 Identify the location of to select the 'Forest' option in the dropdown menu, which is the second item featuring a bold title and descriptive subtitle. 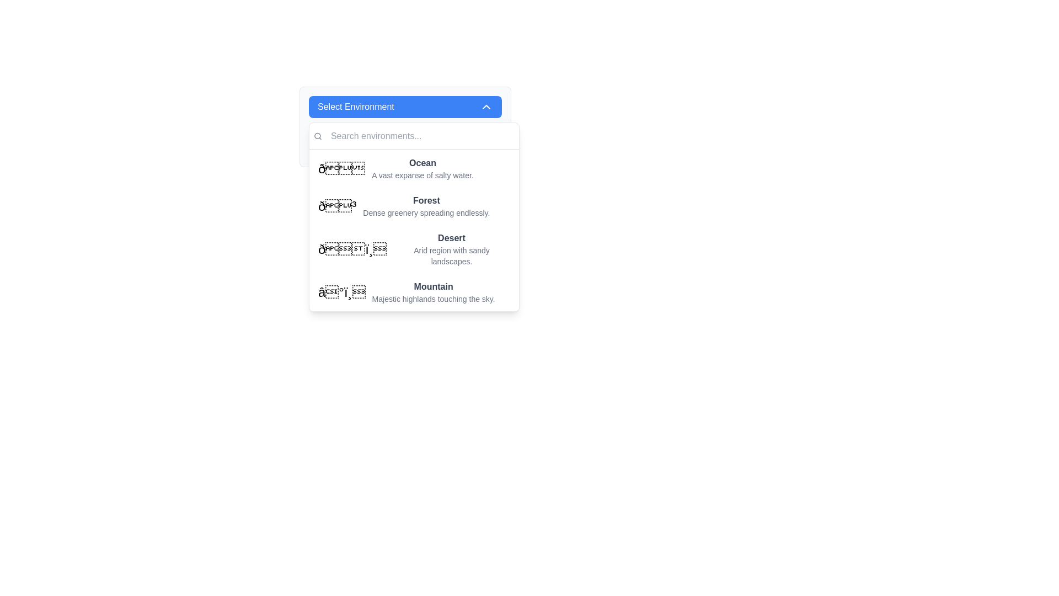
(403, 206).